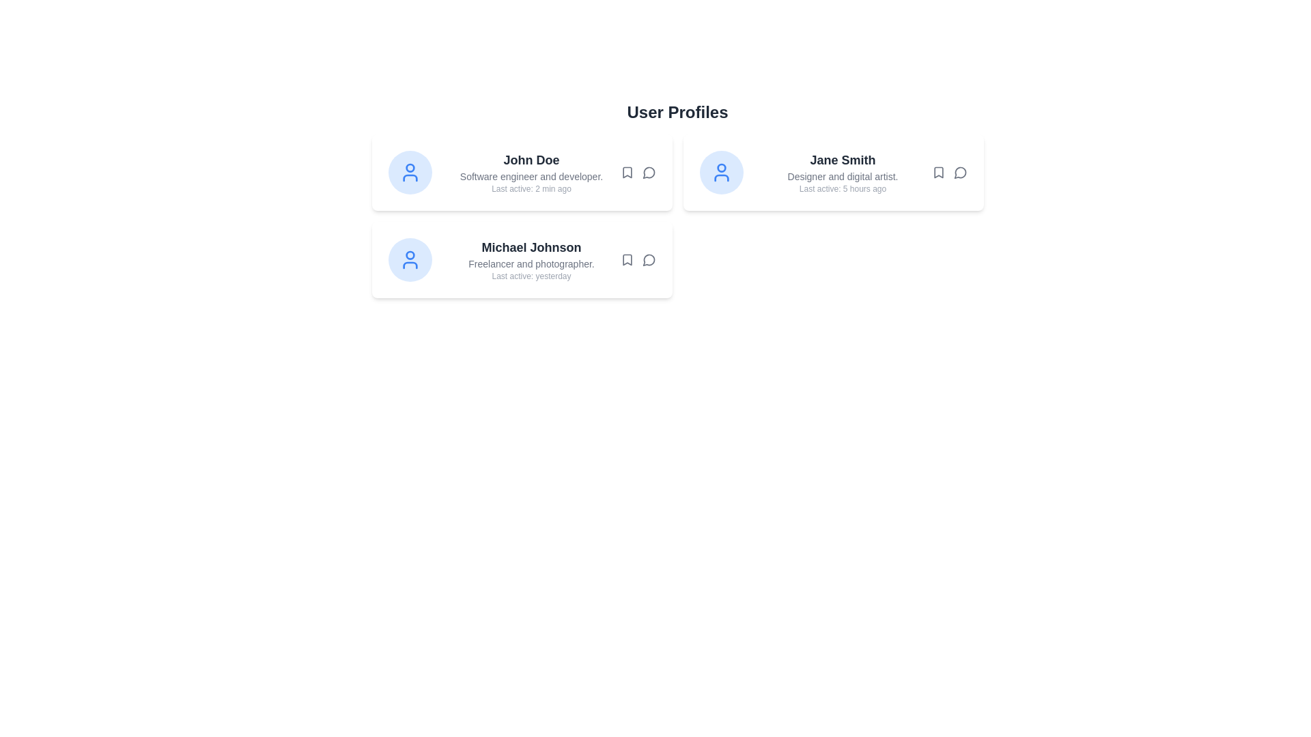 The width and height of the screenshot is (1311, 737). I want to click on the bookmark icon in the bottom-right corner of Michael Johnson's profile card, so click(637, 260).